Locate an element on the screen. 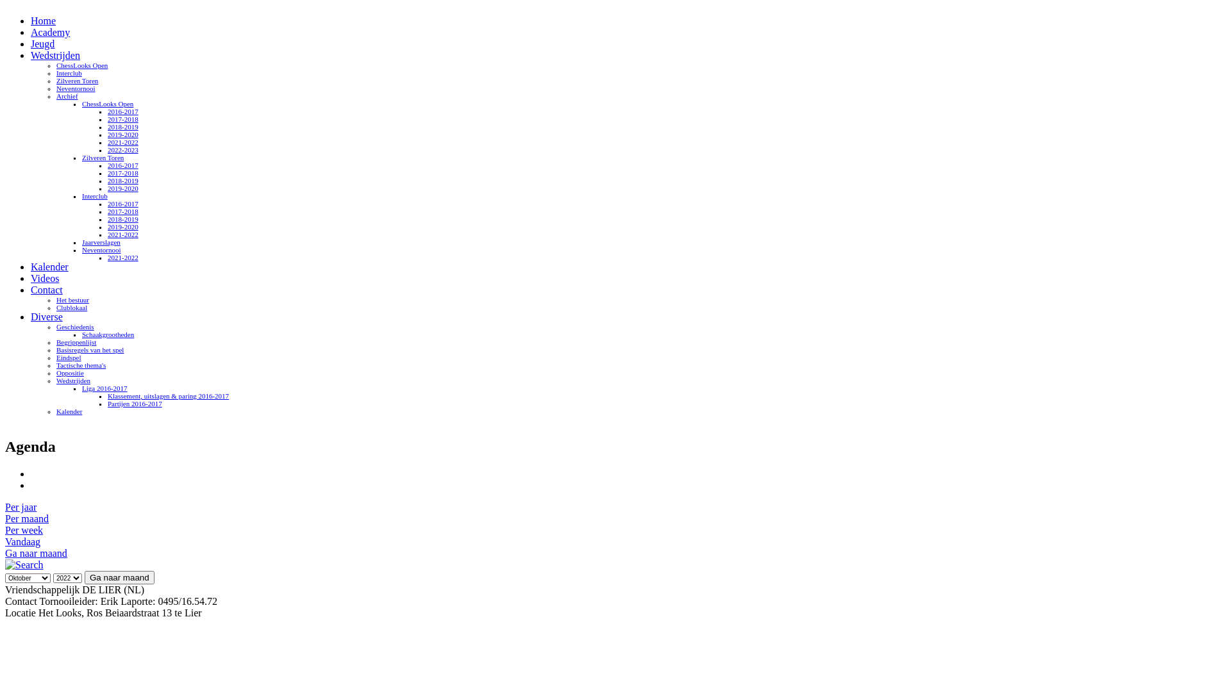 This screenshot has height=692, width=1231. 'Eindspel' is located at coordinates (68, 358).